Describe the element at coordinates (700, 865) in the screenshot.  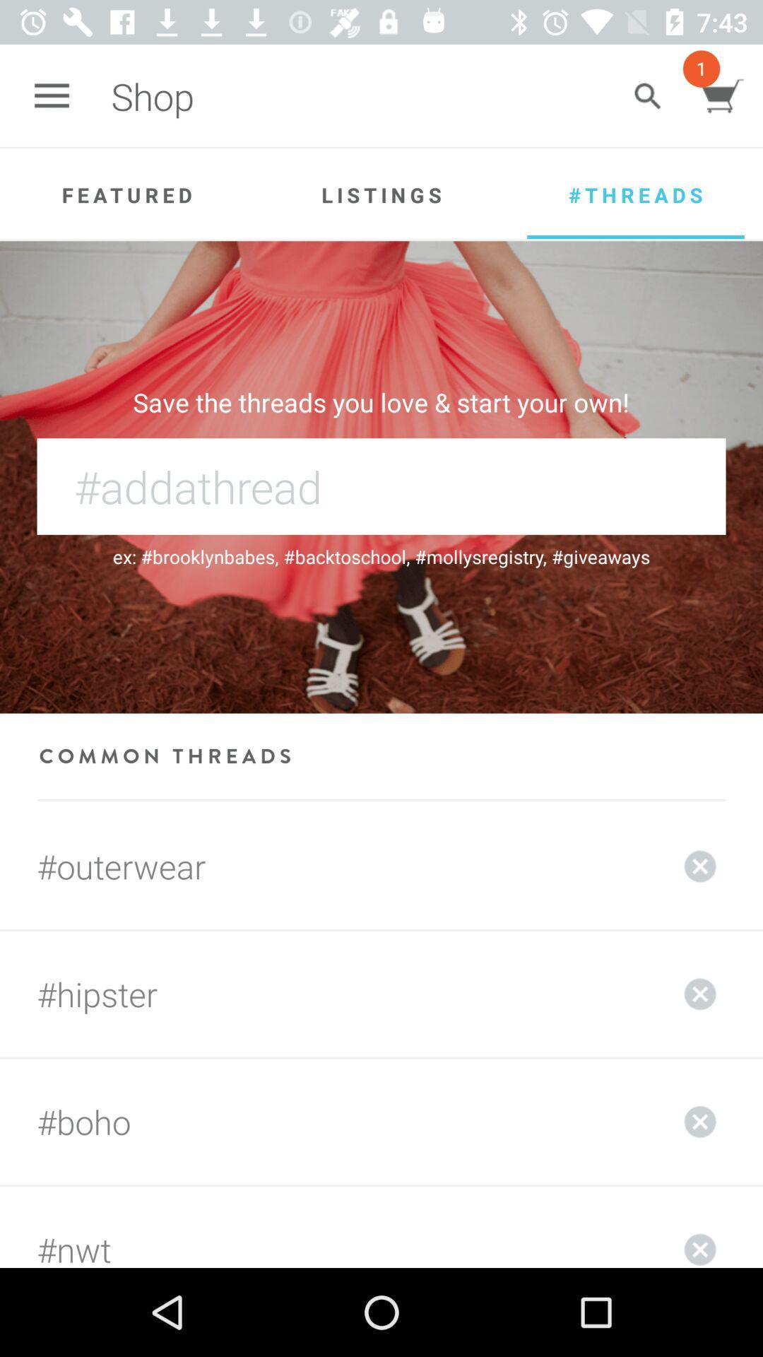
I see `button` at that location.